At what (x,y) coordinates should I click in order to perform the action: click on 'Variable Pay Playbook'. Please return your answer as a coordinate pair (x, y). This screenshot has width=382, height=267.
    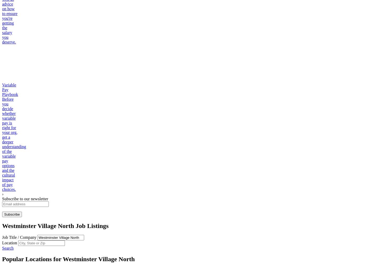
    Looking at the image, I should click on (10, 89).